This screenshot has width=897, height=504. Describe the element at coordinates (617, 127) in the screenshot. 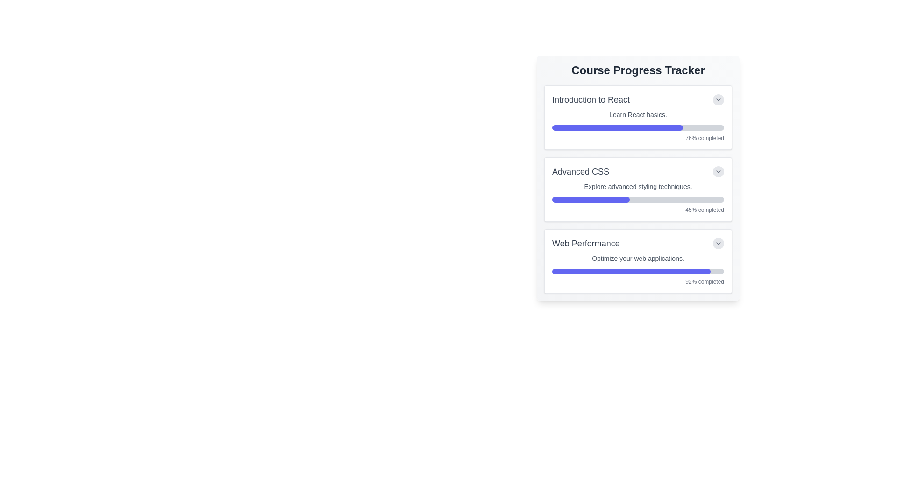

I see `the progress bar indicating completion percentage for the 'Introduction to React' section, which is styled with an indigo filled portion and rounded edges` at that location.